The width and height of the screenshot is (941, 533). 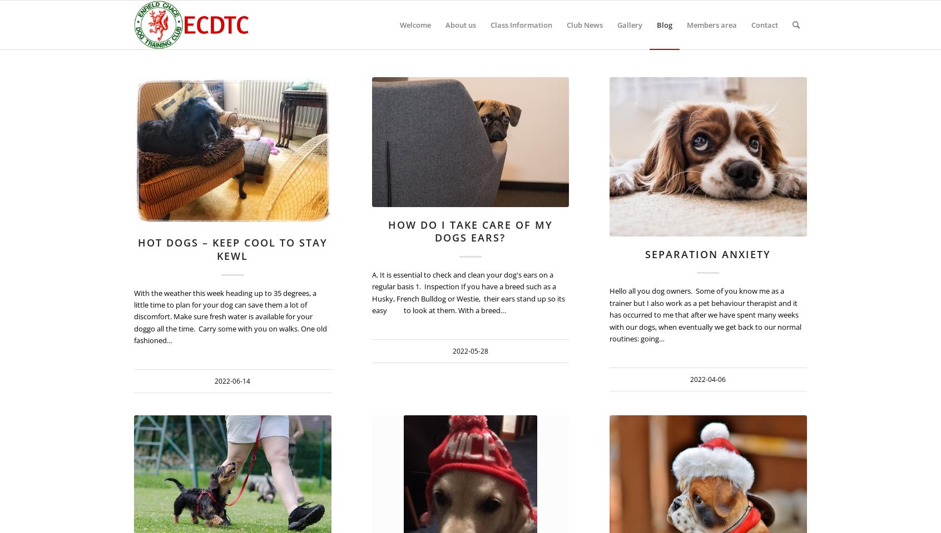 What do you see at coordinates (388, 147) in the screenshot?
I see `'2022-06-14 12:38:21'` at bounding box center [388, 147].